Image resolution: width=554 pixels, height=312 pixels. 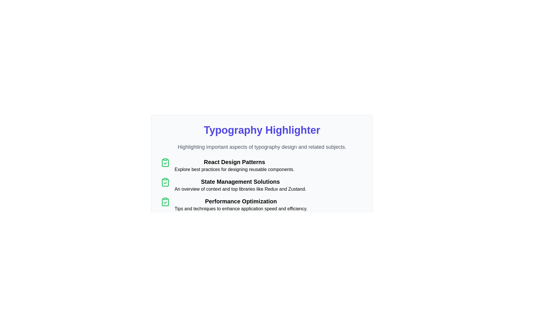 I want to click on the 'React Design Patterns' text block with a clipboard icon, so click(x=261, y=166).